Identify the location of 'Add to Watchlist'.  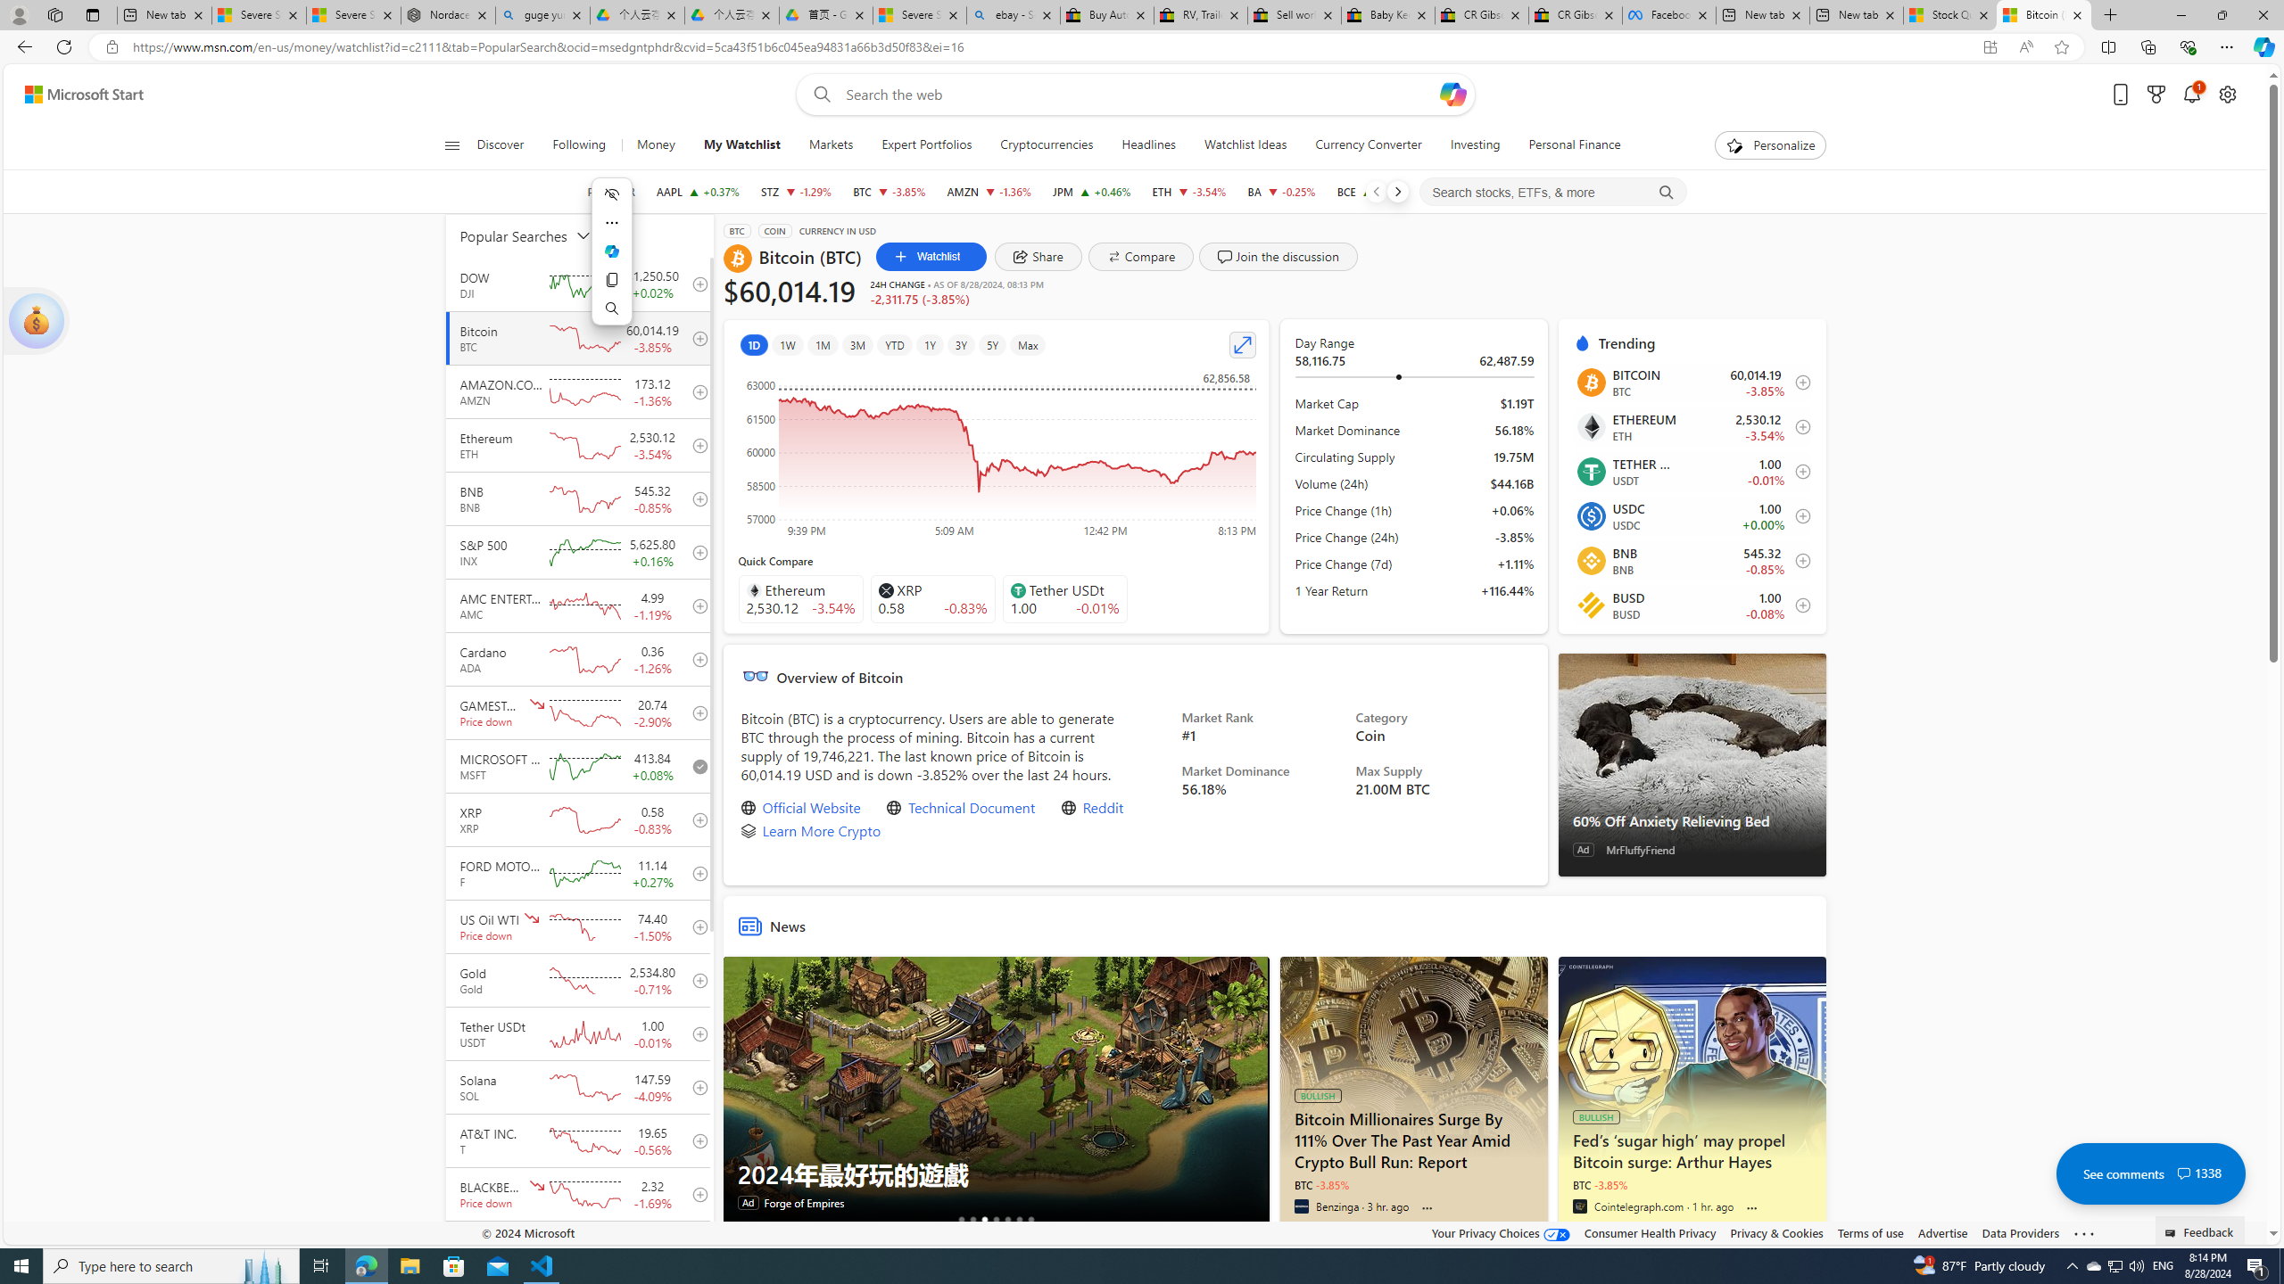
(1796, 604).